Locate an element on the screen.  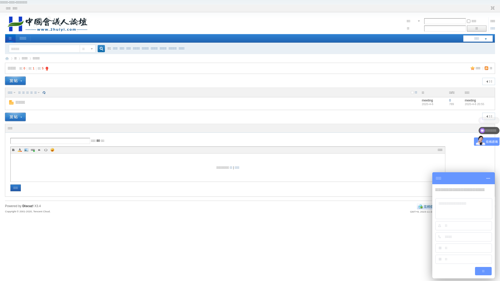
'Code' is located at coordinates (46, 150).